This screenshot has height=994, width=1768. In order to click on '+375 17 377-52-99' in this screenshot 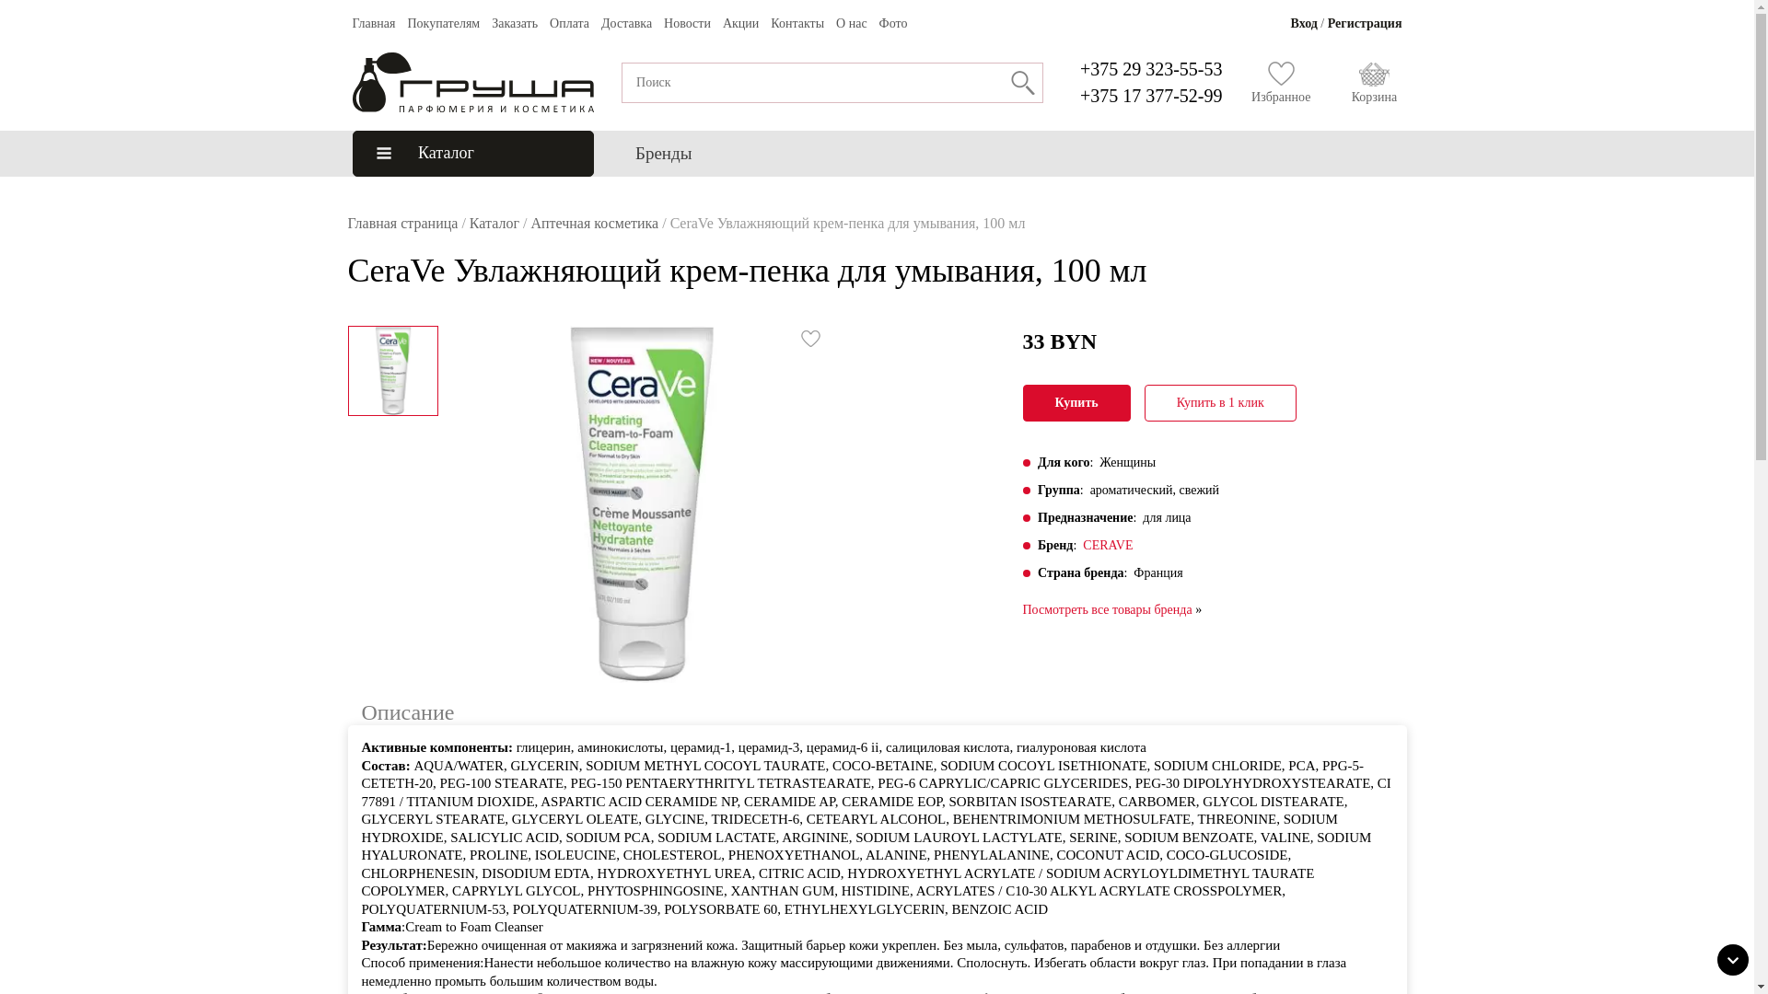, I will do `click(1150, 95)`.